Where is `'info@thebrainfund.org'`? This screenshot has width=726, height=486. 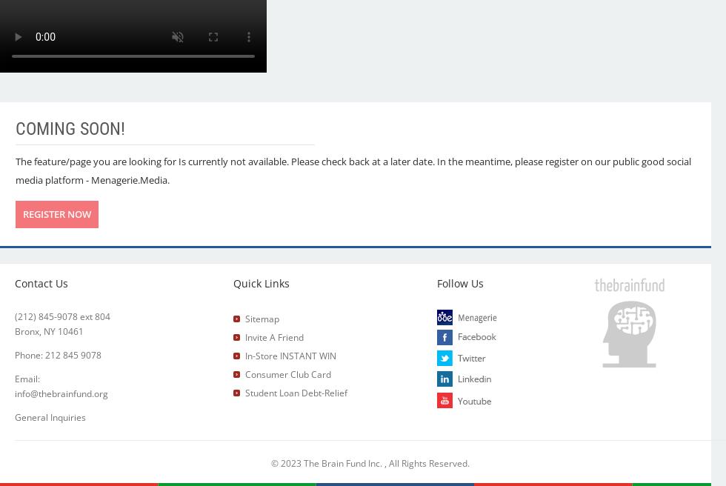
'info@thebrainfund.org' is located at coordinates (61, 393).